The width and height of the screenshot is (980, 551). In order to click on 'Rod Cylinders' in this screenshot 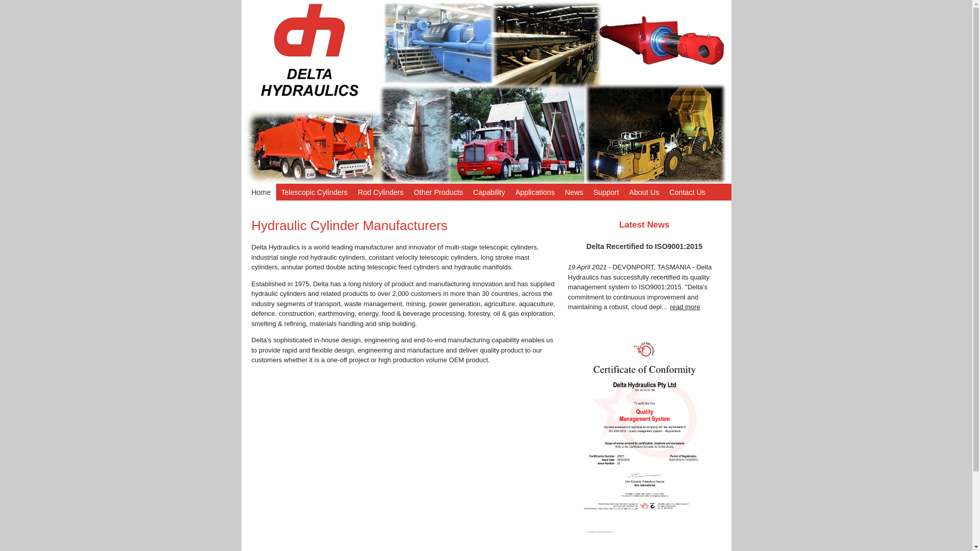, I will do `click(380, 192)`.